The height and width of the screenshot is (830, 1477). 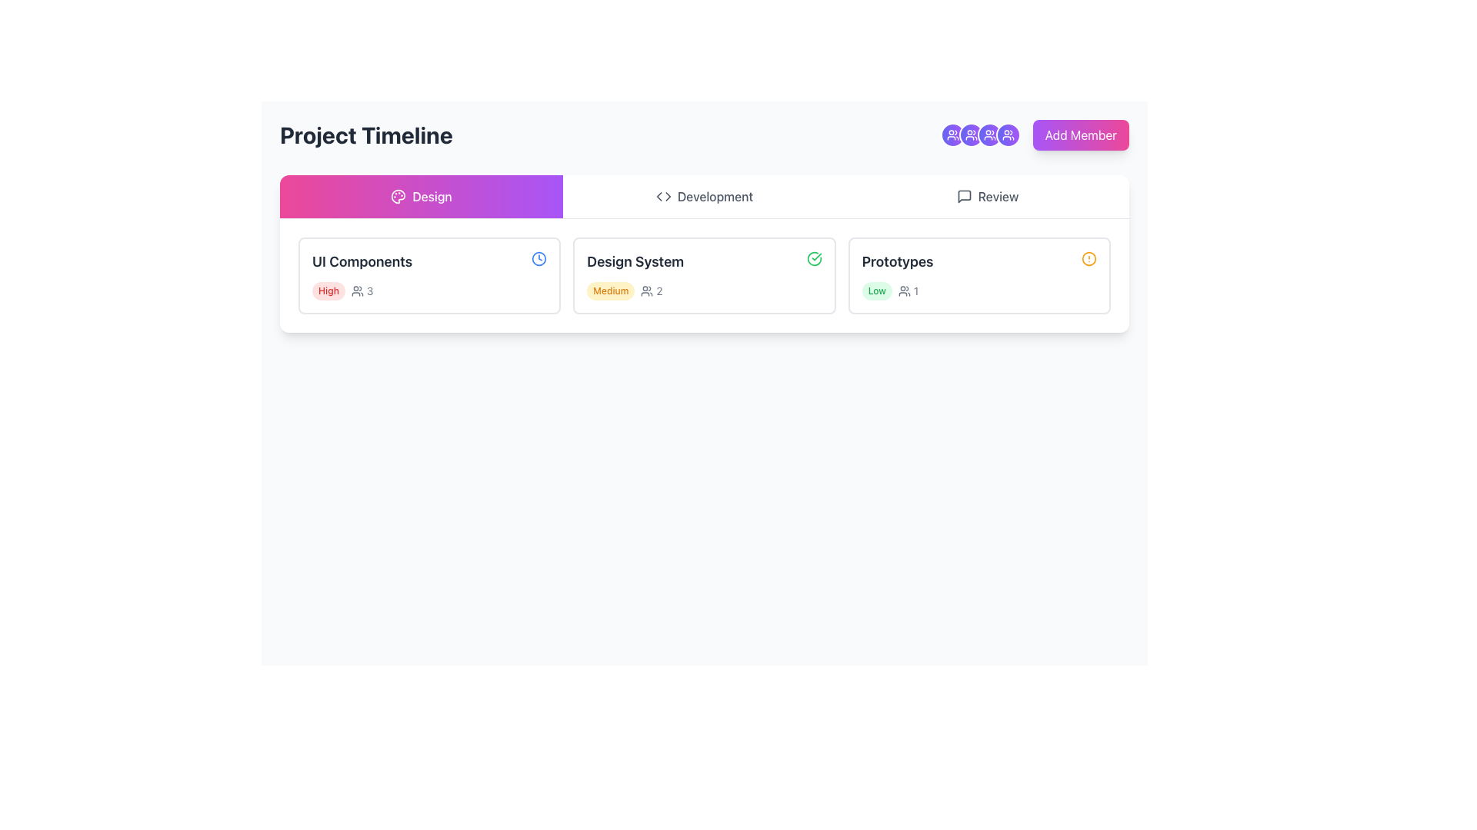 What do you see at coordinates (704, 196) in the screenshot?
I see `the label` at bounding box center [704, 196].